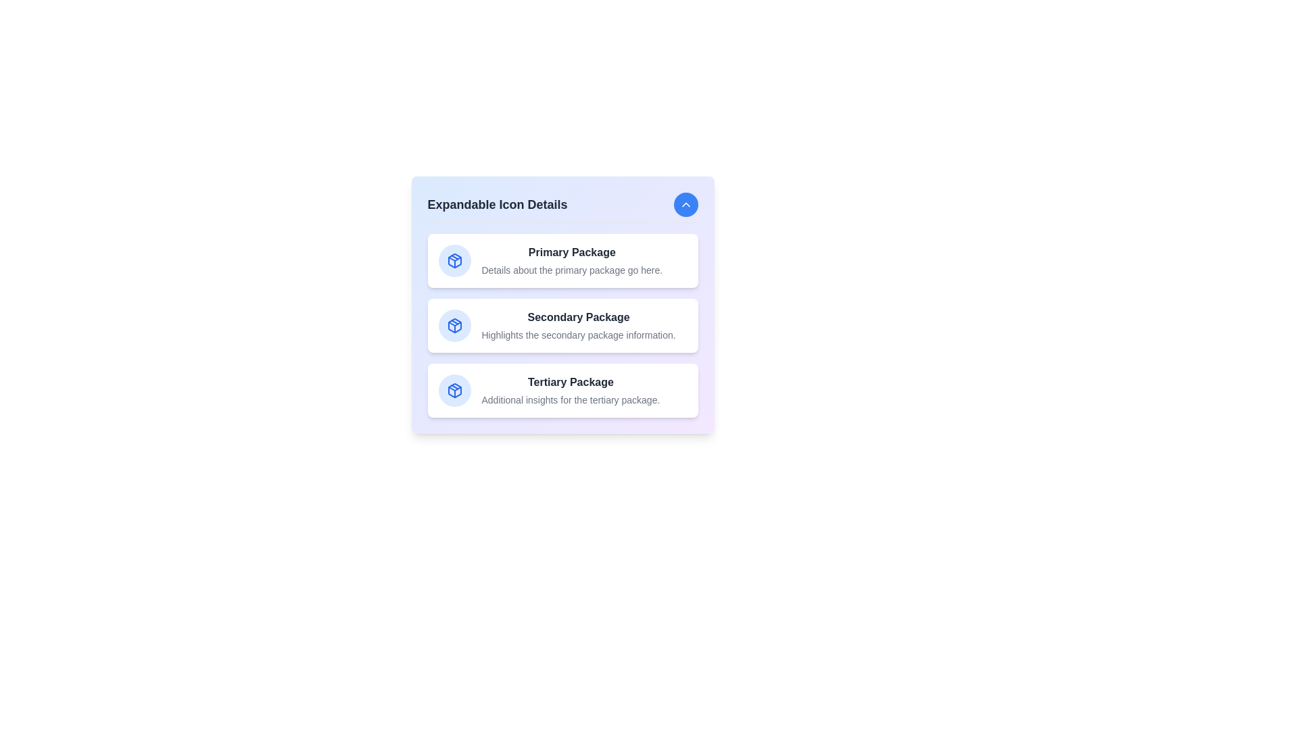 This screenshot has width=1298, height=730. I want to click on the heading or title text of the second package section, which serves as a quick identifier for the content related to the secondary package, so click(579, 318).